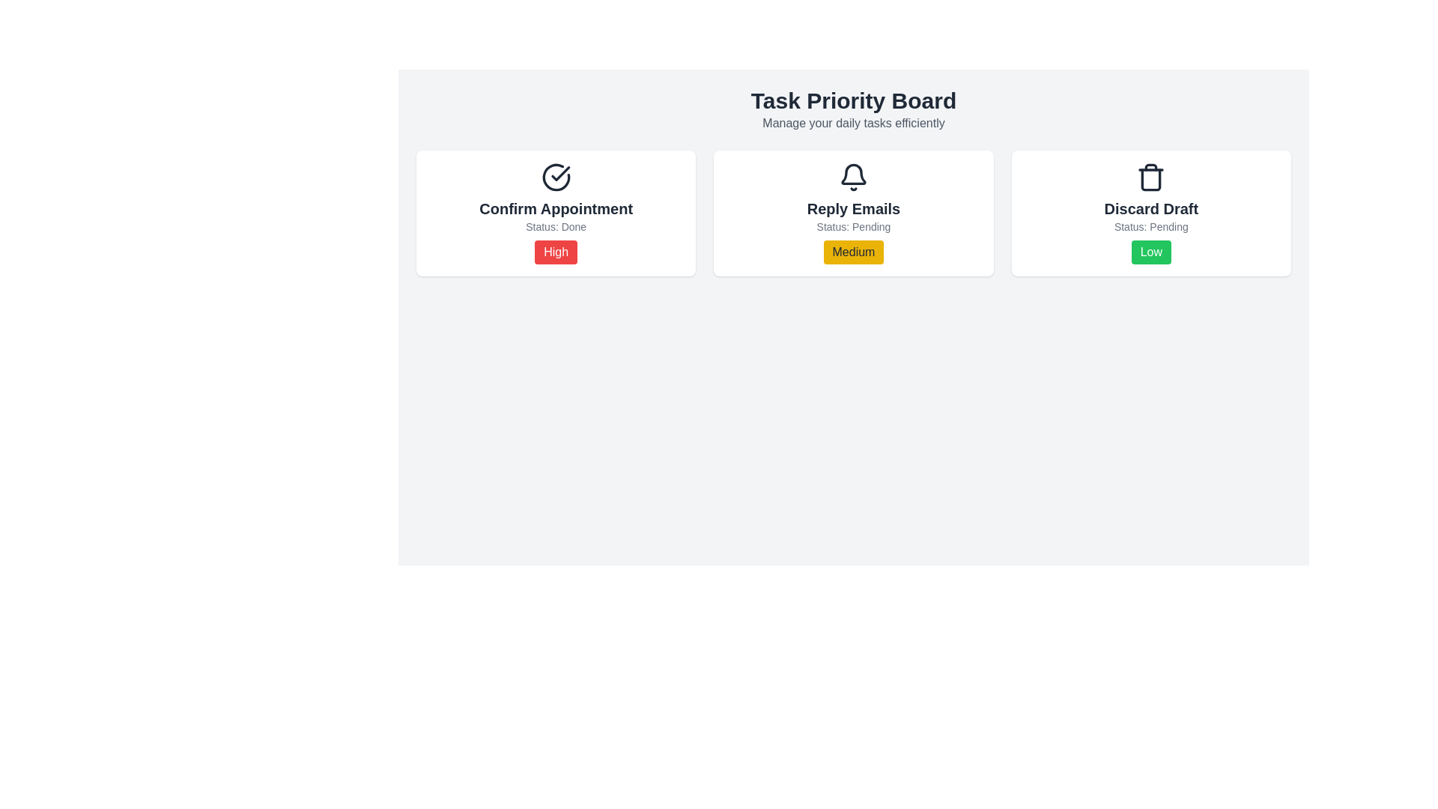  What do you see at coordinates (854, 123) in the screenshot?
I see `the Text label that provides context for the Task Priority Board, located centrally beneath the title` at bounding box center [854, 123].